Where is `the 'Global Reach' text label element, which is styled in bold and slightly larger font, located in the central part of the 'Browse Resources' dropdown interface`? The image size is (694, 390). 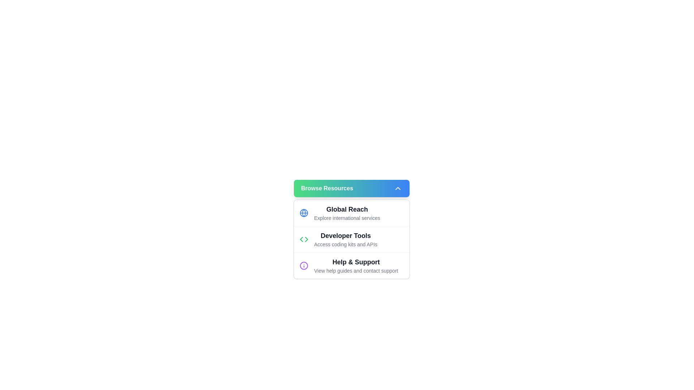 the 'Global Reach' text label element, which is styled in bold and slightly larger font, located in the central part of the 'Browse Resources' dropdown interface is located at coordinates (347, 209).